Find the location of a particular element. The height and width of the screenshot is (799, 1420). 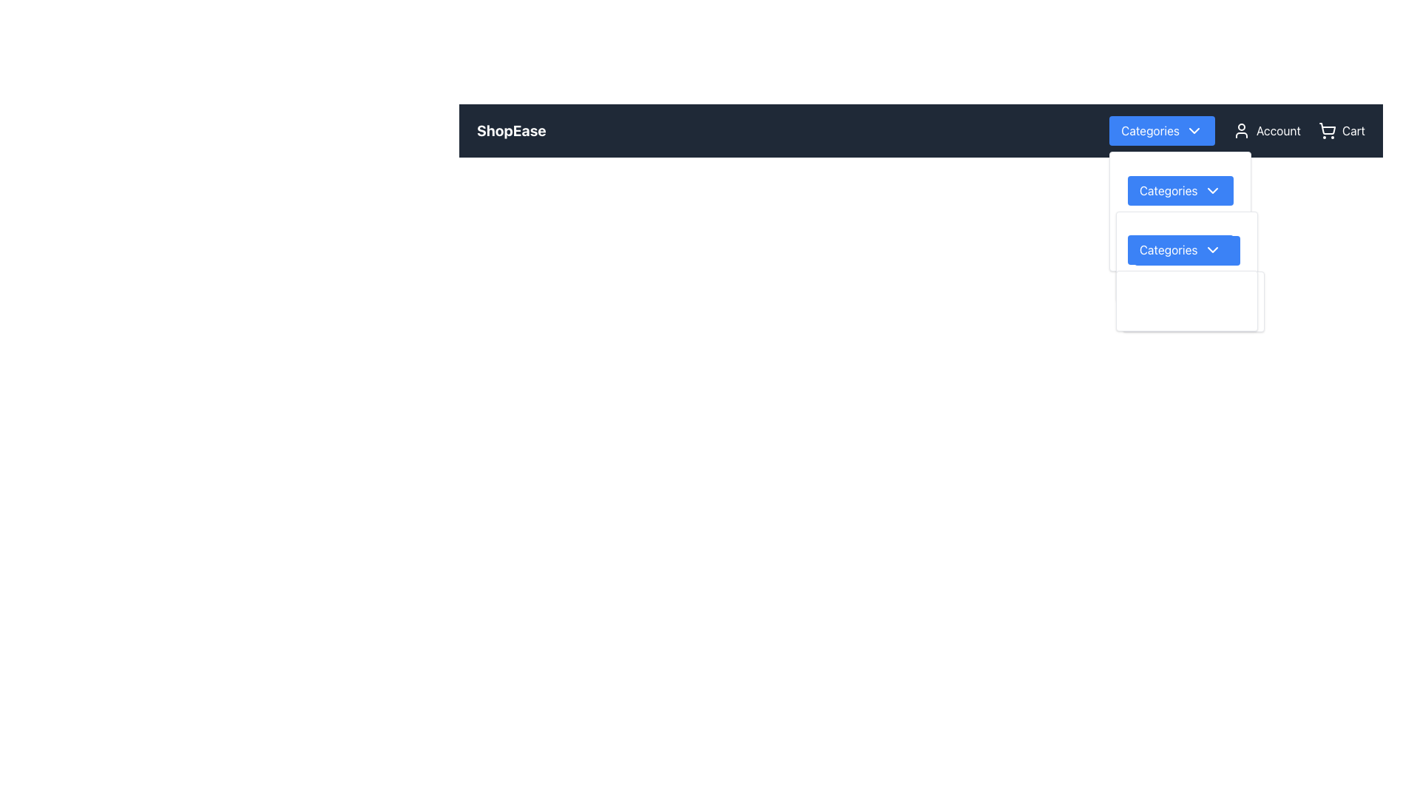

the 'ShopEase' branding logo text located at the start of the header section is located at coordinates (511, 130).